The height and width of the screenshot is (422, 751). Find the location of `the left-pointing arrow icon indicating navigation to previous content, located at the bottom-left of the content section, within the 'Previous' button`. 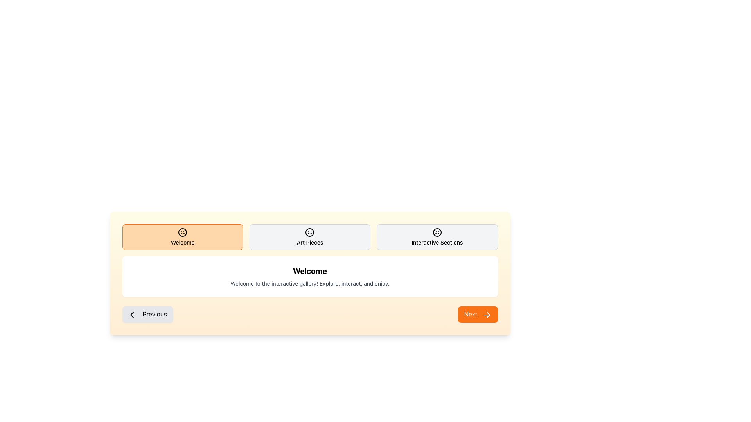

the left-pointing arrow icon indicating navigation to previous content, located at the bottom-left of the content section, within the 'Previous' button is located at coordinates (131, 314).